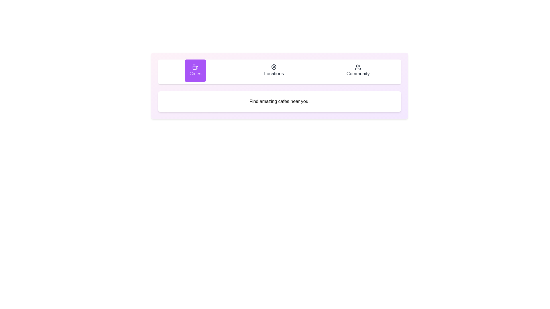  Describe the element at coordinates (279, 71) in the screenshot. I see `the navigation button for 'Locations', which is the second button in the horizontal navigation bar between 'Cafes' and 'Community'` at that location.